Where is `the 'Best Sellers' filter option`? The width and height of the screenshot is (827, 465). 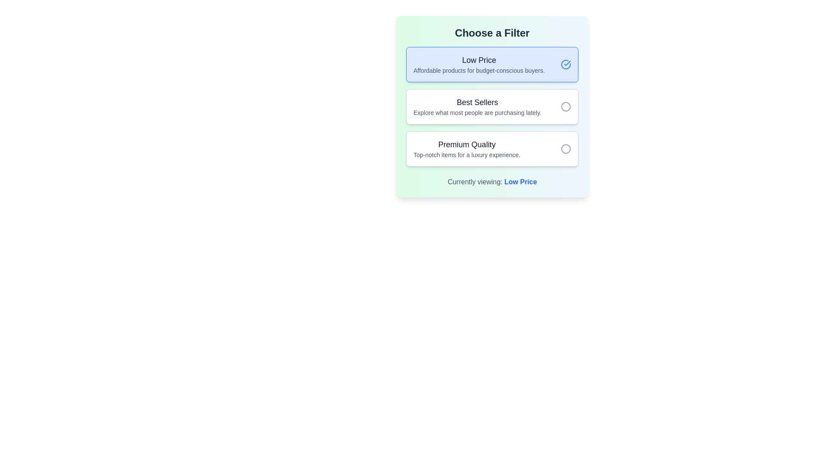
the 'Best Sellers' filter option is located at coordinates (492, 106).